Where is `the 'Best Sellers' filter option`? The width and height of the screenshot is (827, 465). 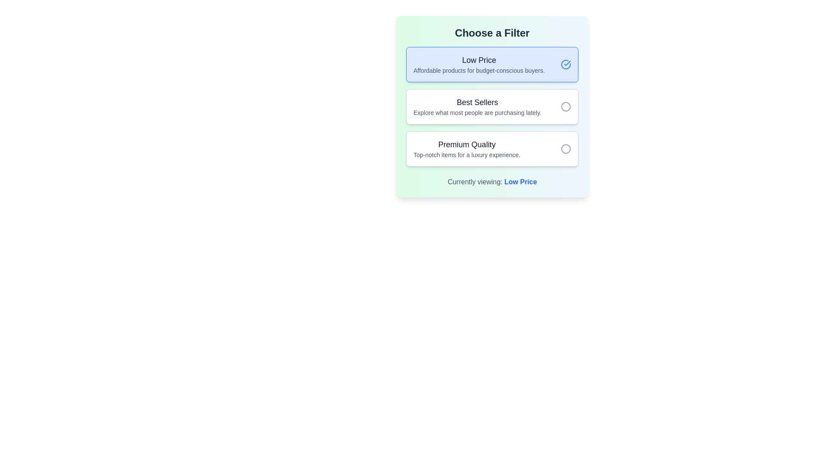
the 'Best Sellers' filter option is located at coordinates (492, 106).